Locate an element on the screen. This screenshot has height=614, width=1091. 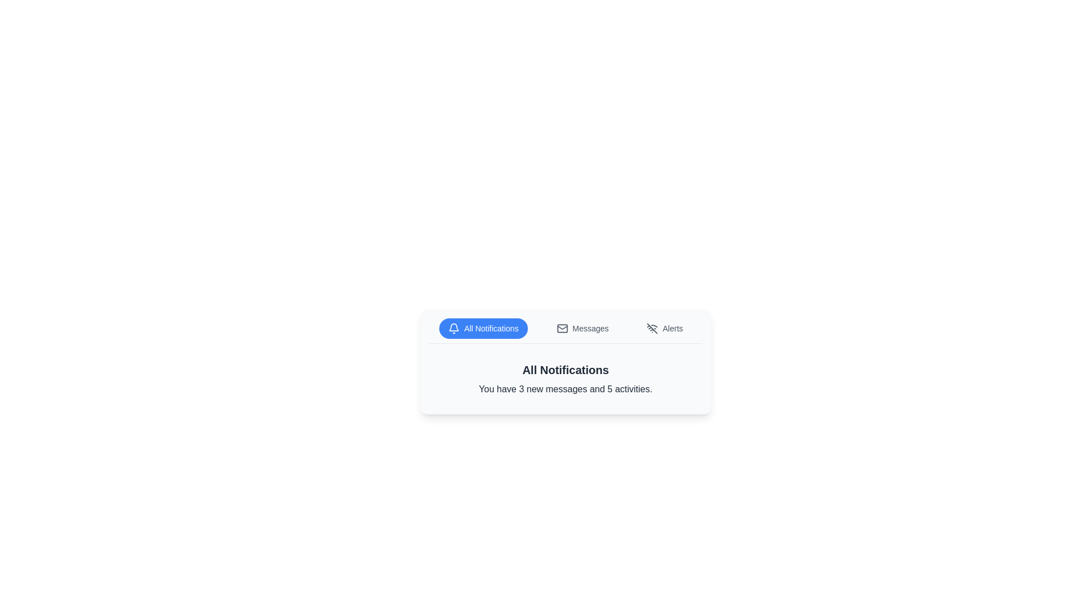
the textual notification panel titled 'All Notifications' that contains the message 'You have 3 new messages and 5 activities.' is located at coordinates (565, 379).